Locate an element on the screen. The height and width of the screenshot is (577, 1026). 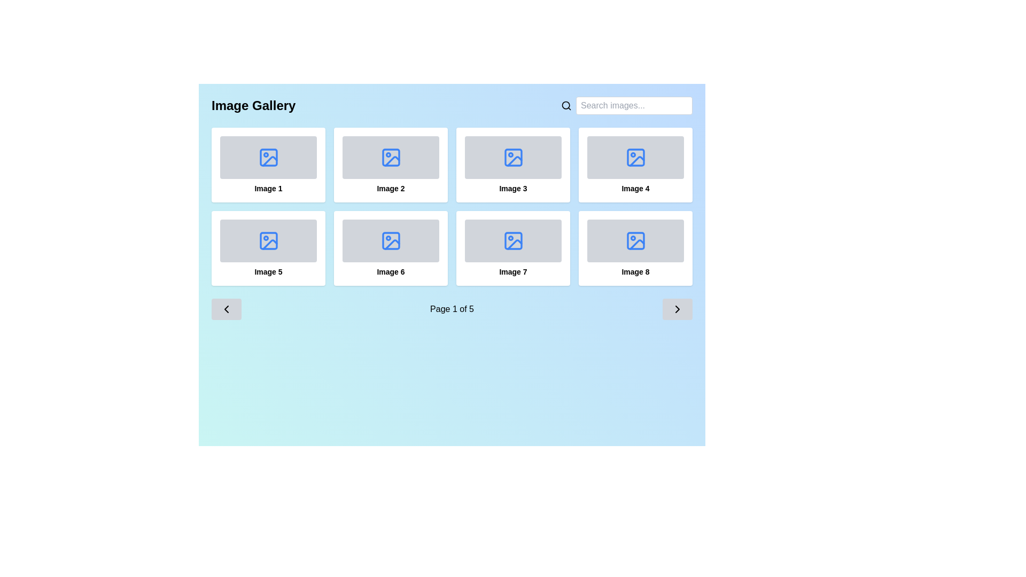
the 'previous' button icon located at the bottom-left corner of the gallery interface is located at coordinates (226, 309).